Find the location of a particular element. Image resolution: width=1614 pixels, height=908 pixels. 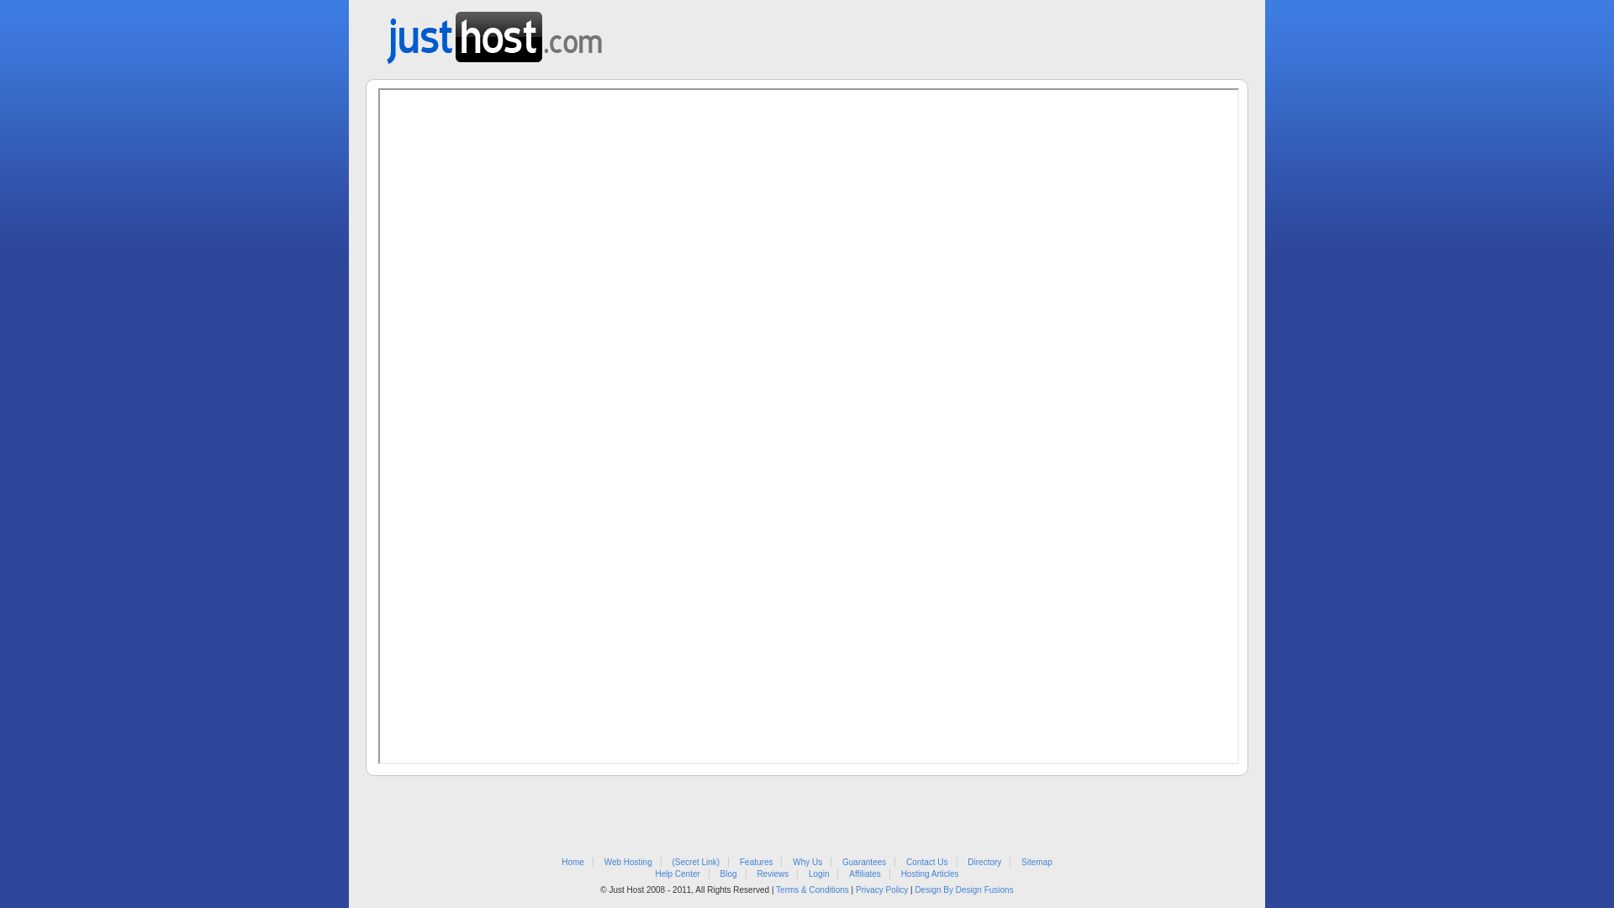

'Design By Design Fusions' is located at coordinates (963, 889).